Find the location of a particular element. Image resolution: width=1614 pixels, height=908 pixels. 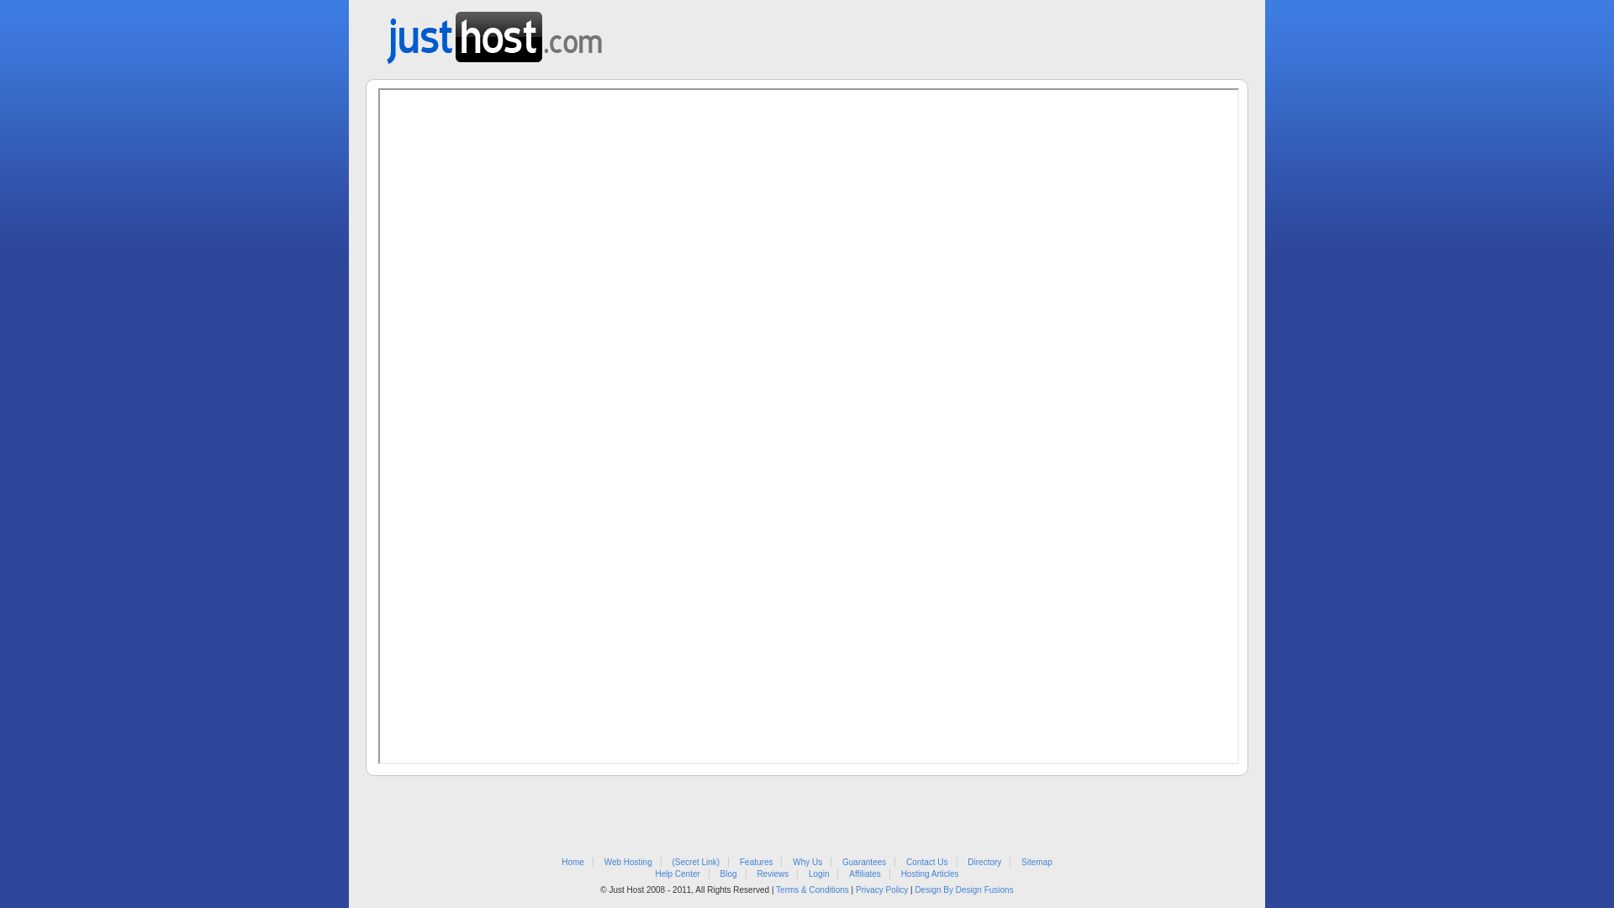

'Design By Design Fusions' is located at coordinates (963, 889).